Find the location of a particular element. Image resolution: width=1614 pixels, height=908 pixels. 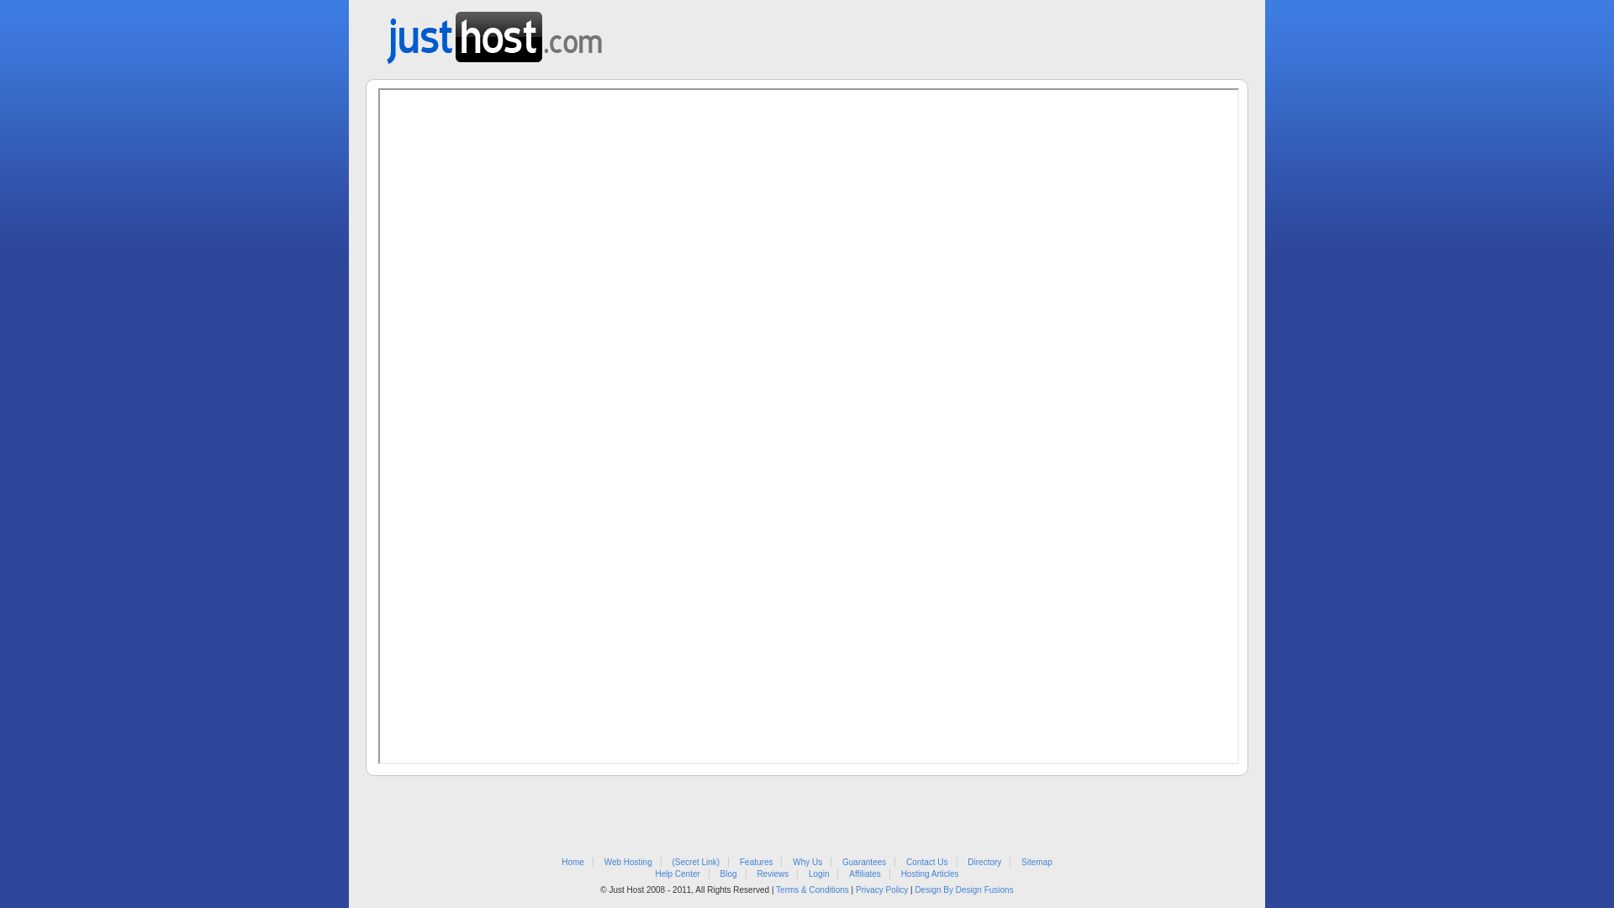

'Design By Design Fusions' is located at coordinates (963, 889).